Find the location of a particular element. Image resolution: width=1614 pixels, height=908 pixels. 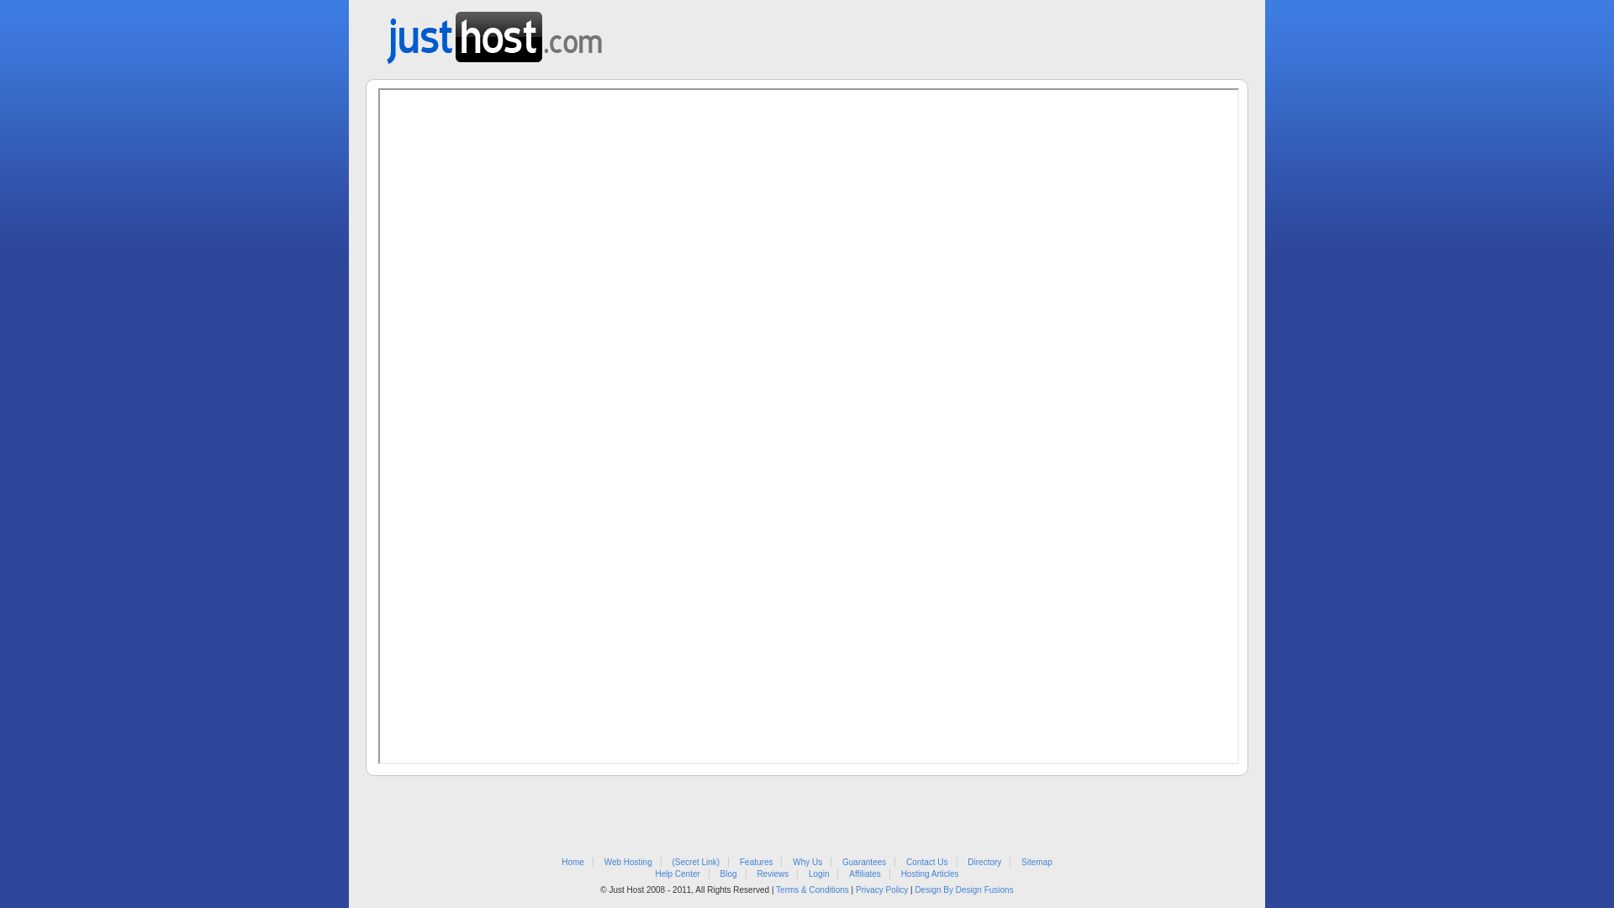

'Design By Design Fusions' is located at coordinates (963, 889).